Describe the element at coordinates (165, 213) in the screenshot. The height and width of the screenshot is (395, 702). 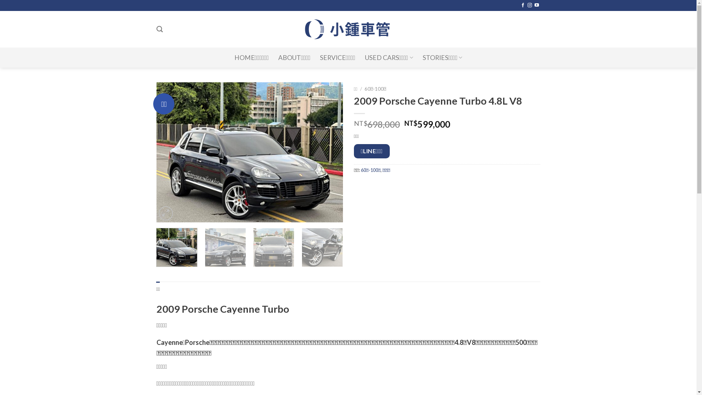
I see `'Zoom'` at that location.